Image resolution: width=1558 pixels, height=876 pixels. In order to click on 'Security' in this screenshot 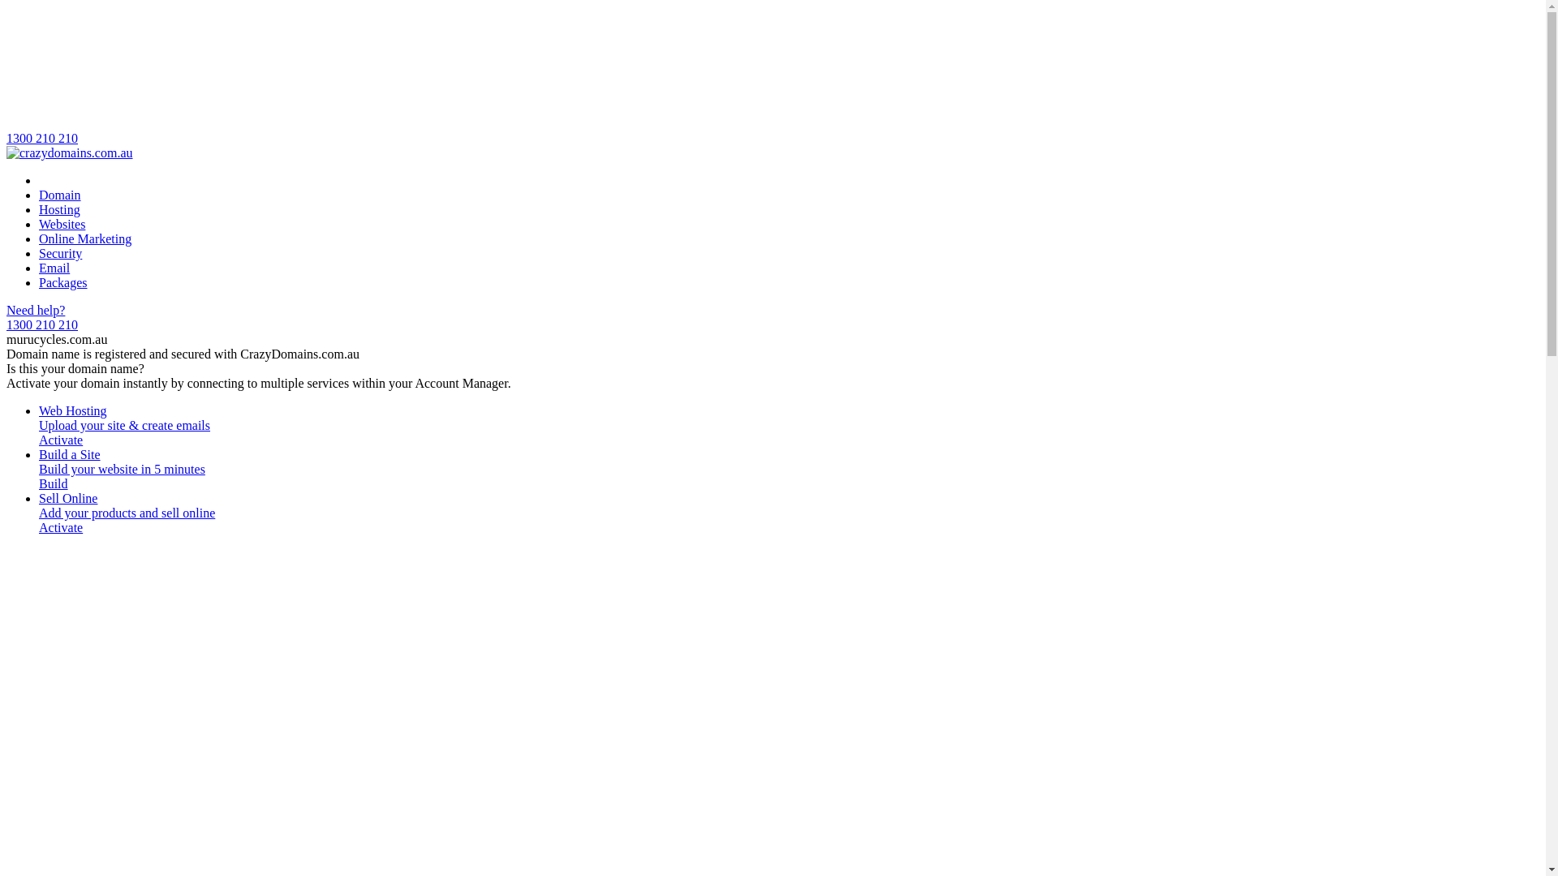, I will do `click(60, 253)`.